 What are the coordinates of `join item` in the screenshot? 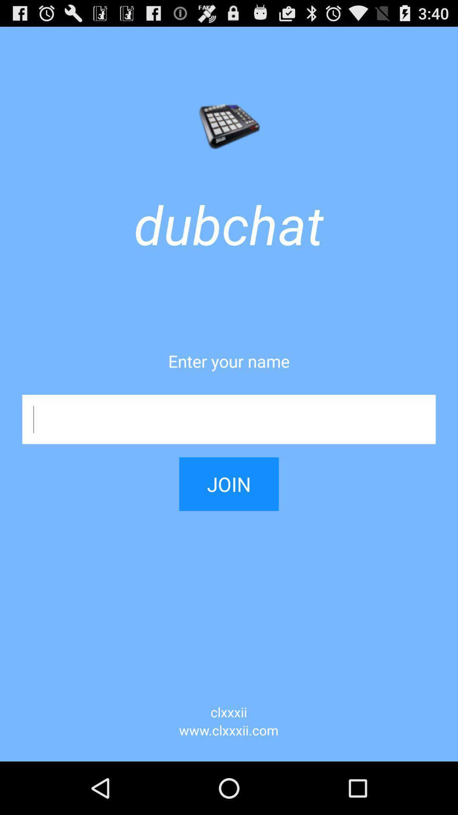 It's located at (229, 477).